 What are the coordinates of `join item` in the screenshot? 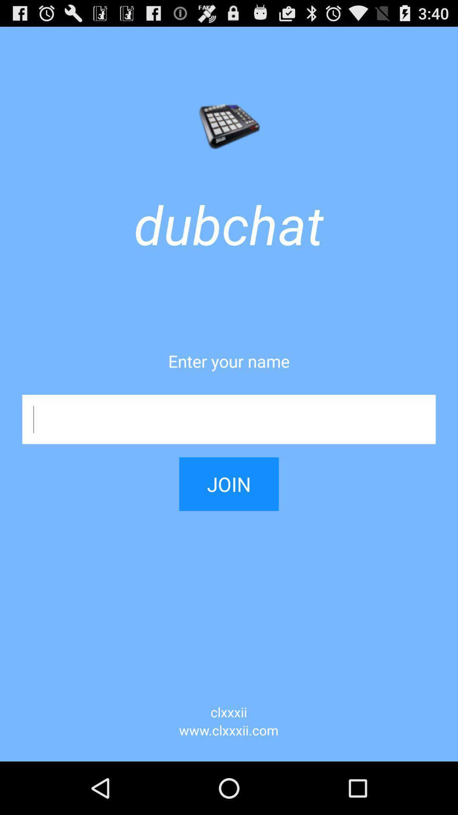 It's located at (229, 477).